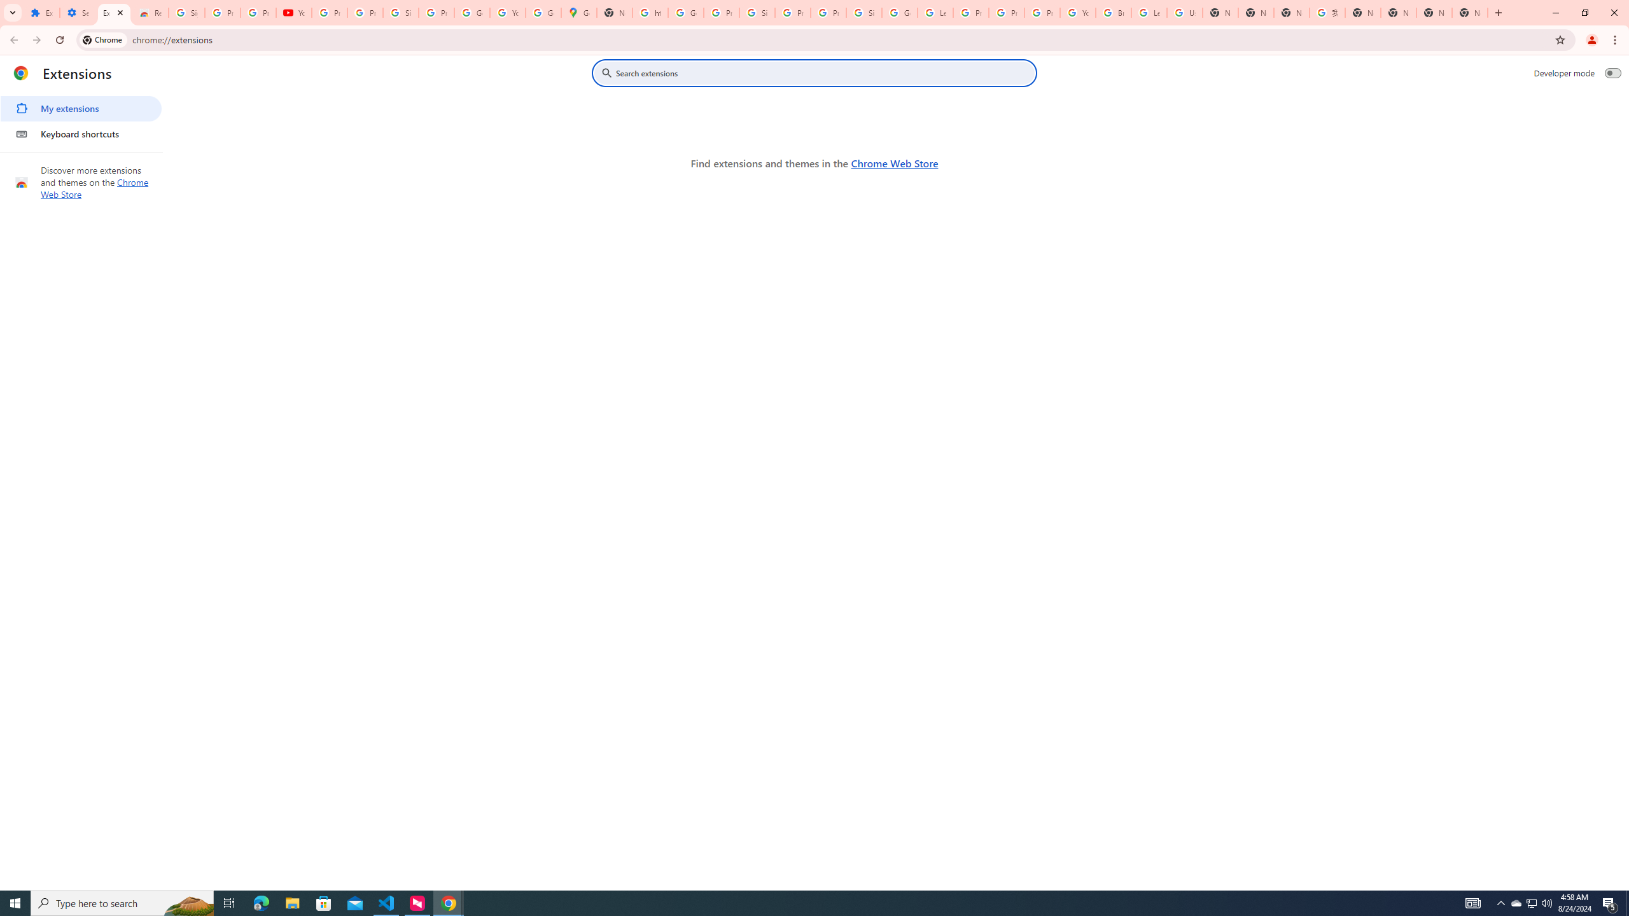 Image resolution: width=1629 pixels, height=916 pixels. Describe the element at coordinates (971, 12) in the screenshot. I see `'Privacy Help Center - Policies Help'` at that location.